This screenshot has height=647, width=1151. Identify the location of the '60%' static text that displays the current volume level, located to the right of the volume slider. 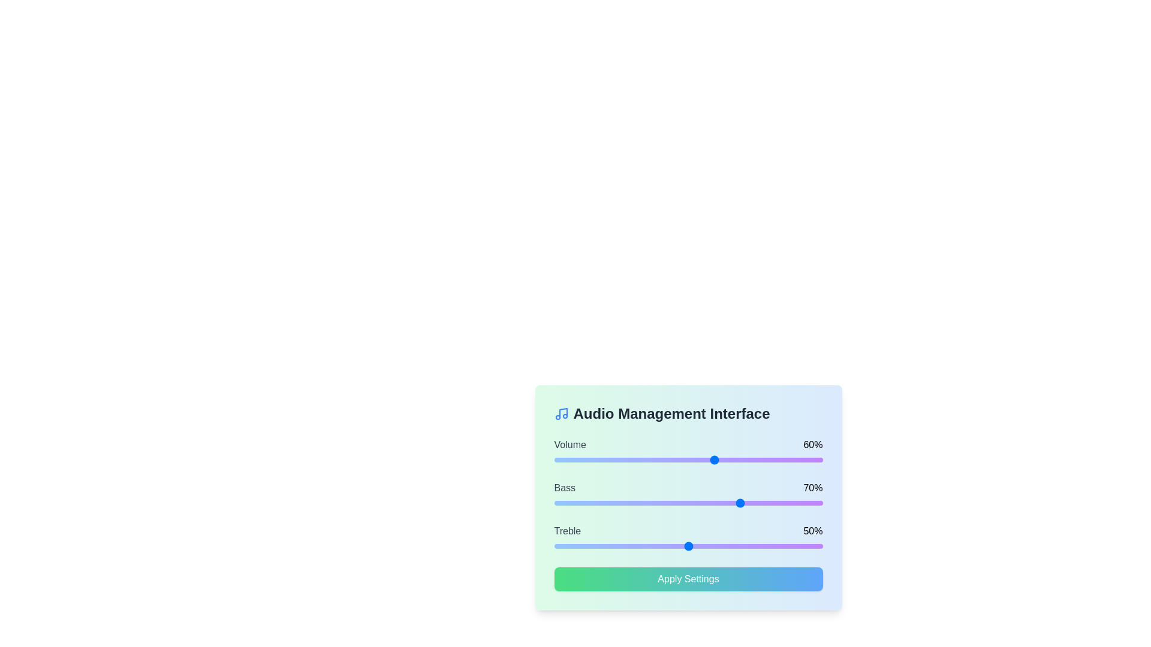
(813, 445).